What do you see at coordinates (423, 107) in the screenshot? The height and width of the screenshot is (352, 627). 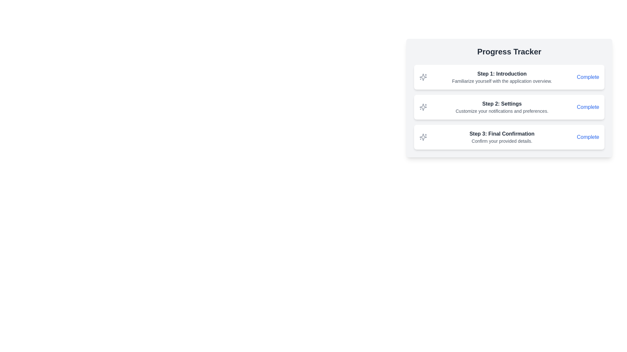 I see `the leftmost icon representing 'Step 2: Settings' in the progress tracker, which is located between 'Step 1: Introduction' and 'Step 3: Final Confirmation'` at bounding box center [423, 107].